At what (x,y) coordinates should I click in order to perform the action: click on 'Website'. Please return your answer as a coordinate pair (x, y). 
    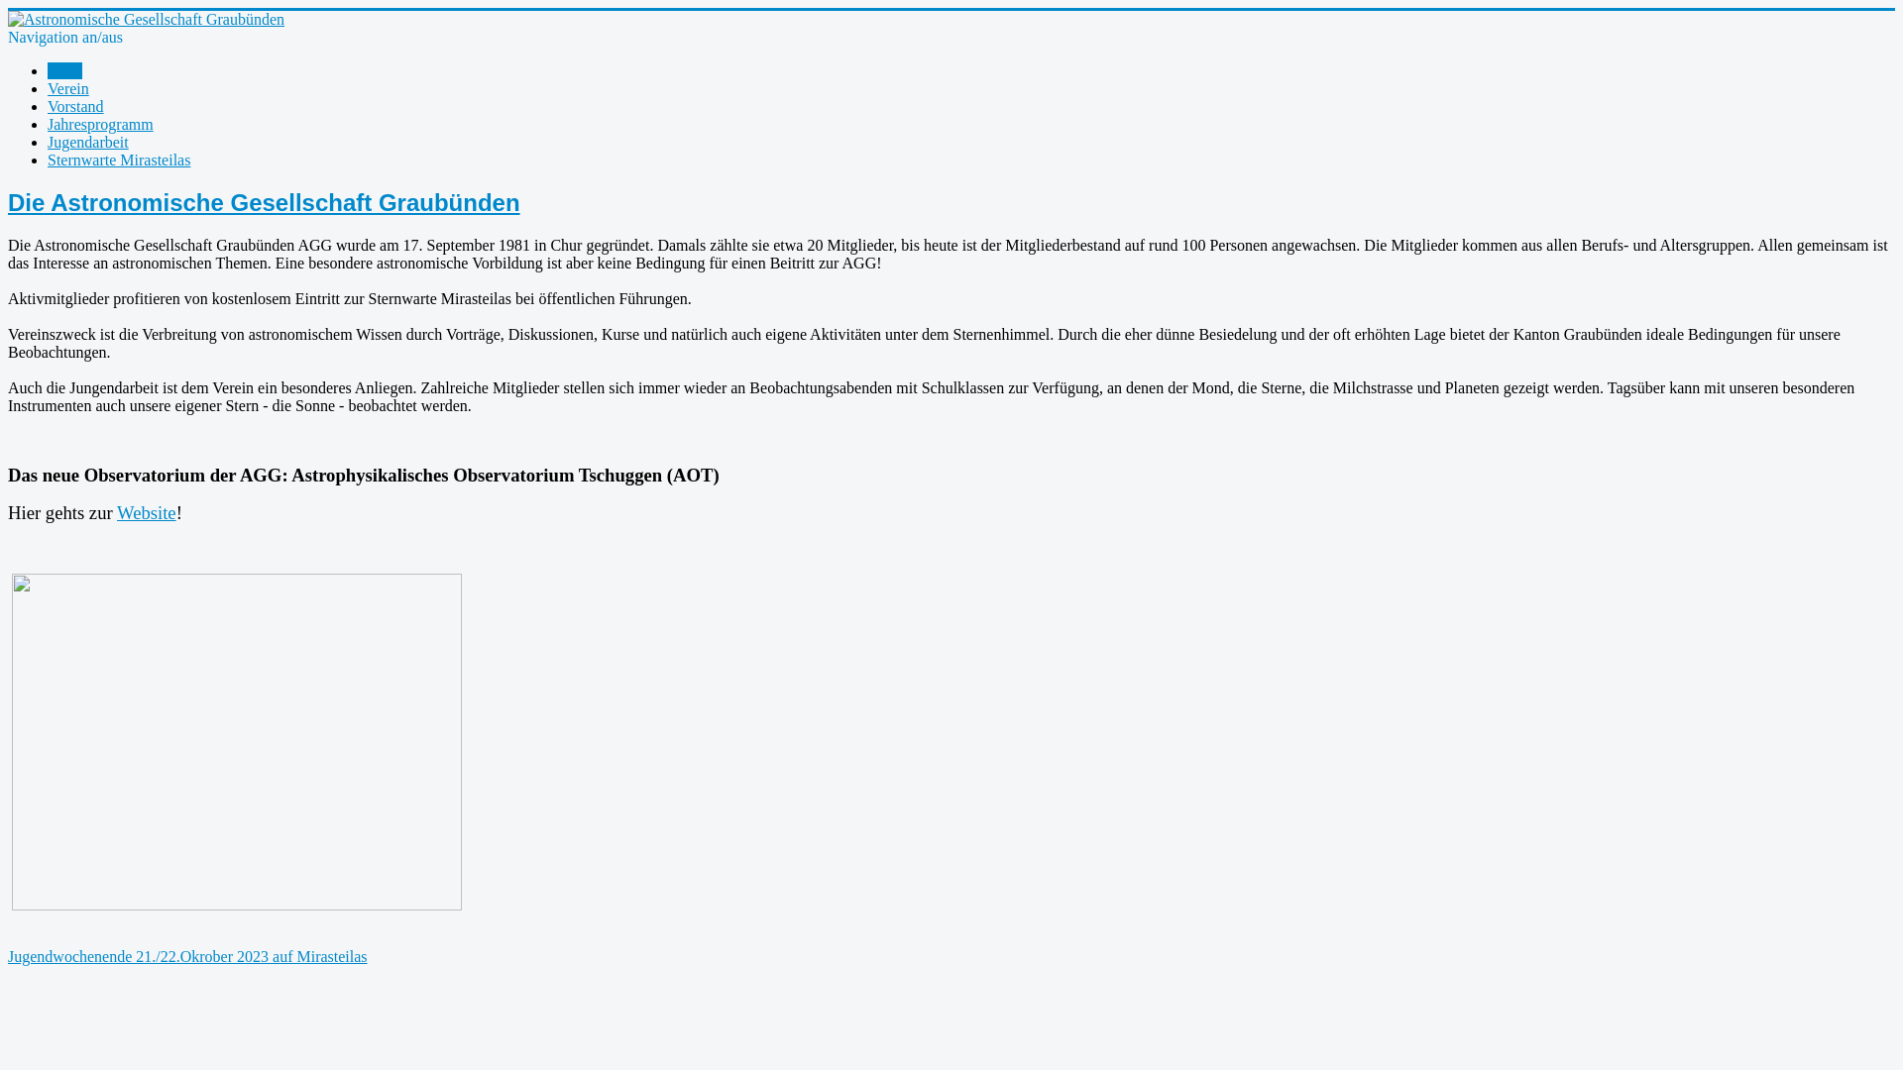
    Looking at the image, I should click on (116, 511).